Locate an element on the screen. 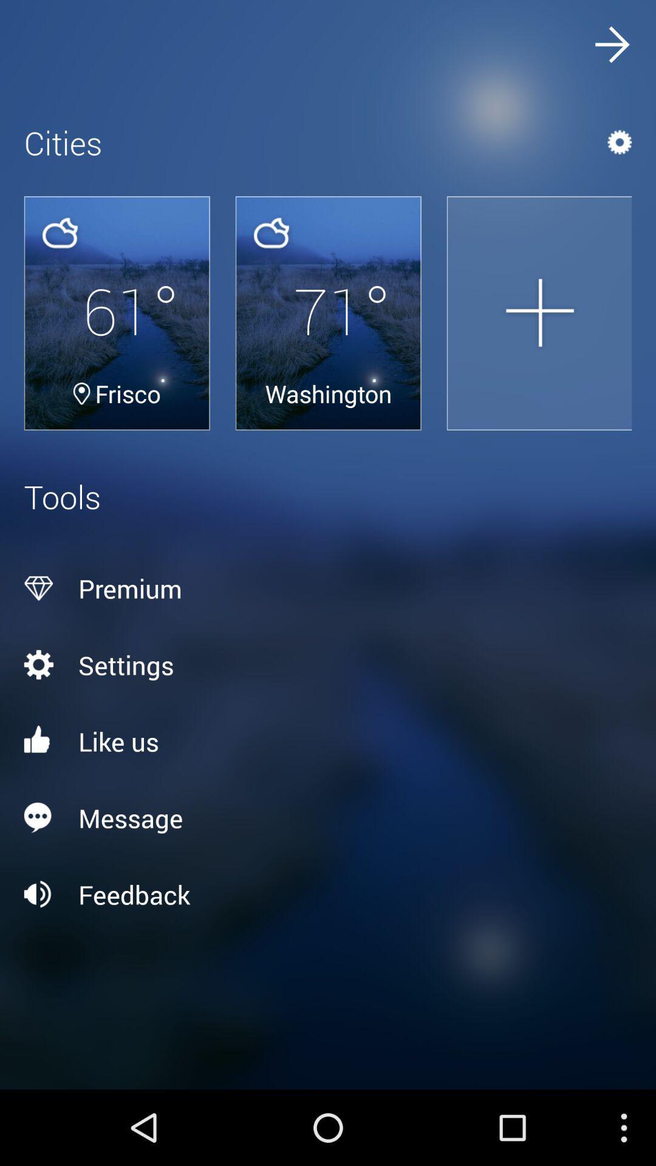 This screenshot has height=1166, width=656. the text above feedback is located at coordinates (328, 818).